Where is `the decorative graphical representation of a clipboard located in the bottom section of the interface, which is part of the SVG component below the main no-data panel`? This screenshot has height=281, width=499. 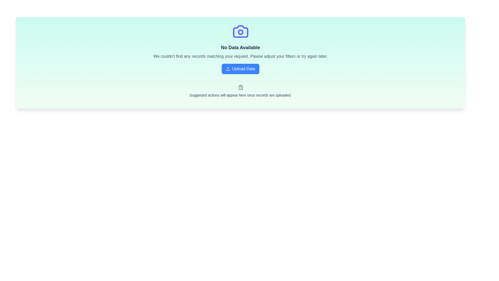
the decorative graphical representation of a clipboard located in the bottom section of the interface, which is part of the SVG component below the main no-data panel is located at coordinates (240, 87).